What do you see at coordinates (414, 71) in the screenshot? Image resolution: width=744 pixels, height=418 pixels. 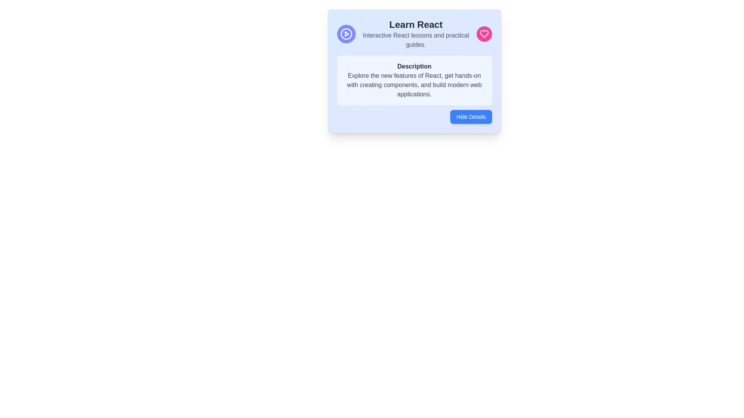 I see `the Card component that highlights details about learning React, positioned centrally in the interface` at bounding box center [414, 71].